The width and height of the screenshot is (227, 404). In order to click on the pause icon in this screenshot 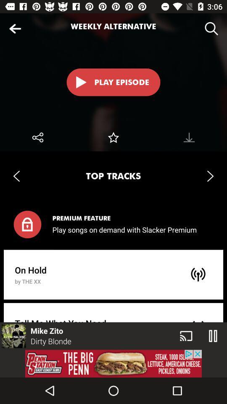, I will do `click(213, 336)`.